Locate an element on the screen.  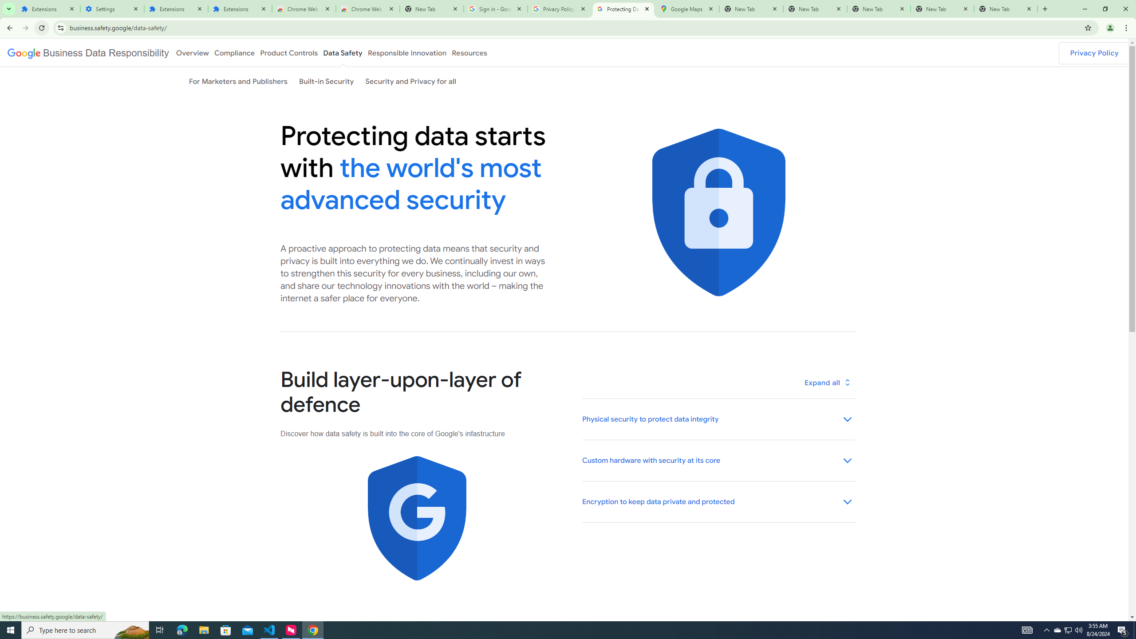
'Sign in - Google Accounts' is located at coordinates (495, 8).